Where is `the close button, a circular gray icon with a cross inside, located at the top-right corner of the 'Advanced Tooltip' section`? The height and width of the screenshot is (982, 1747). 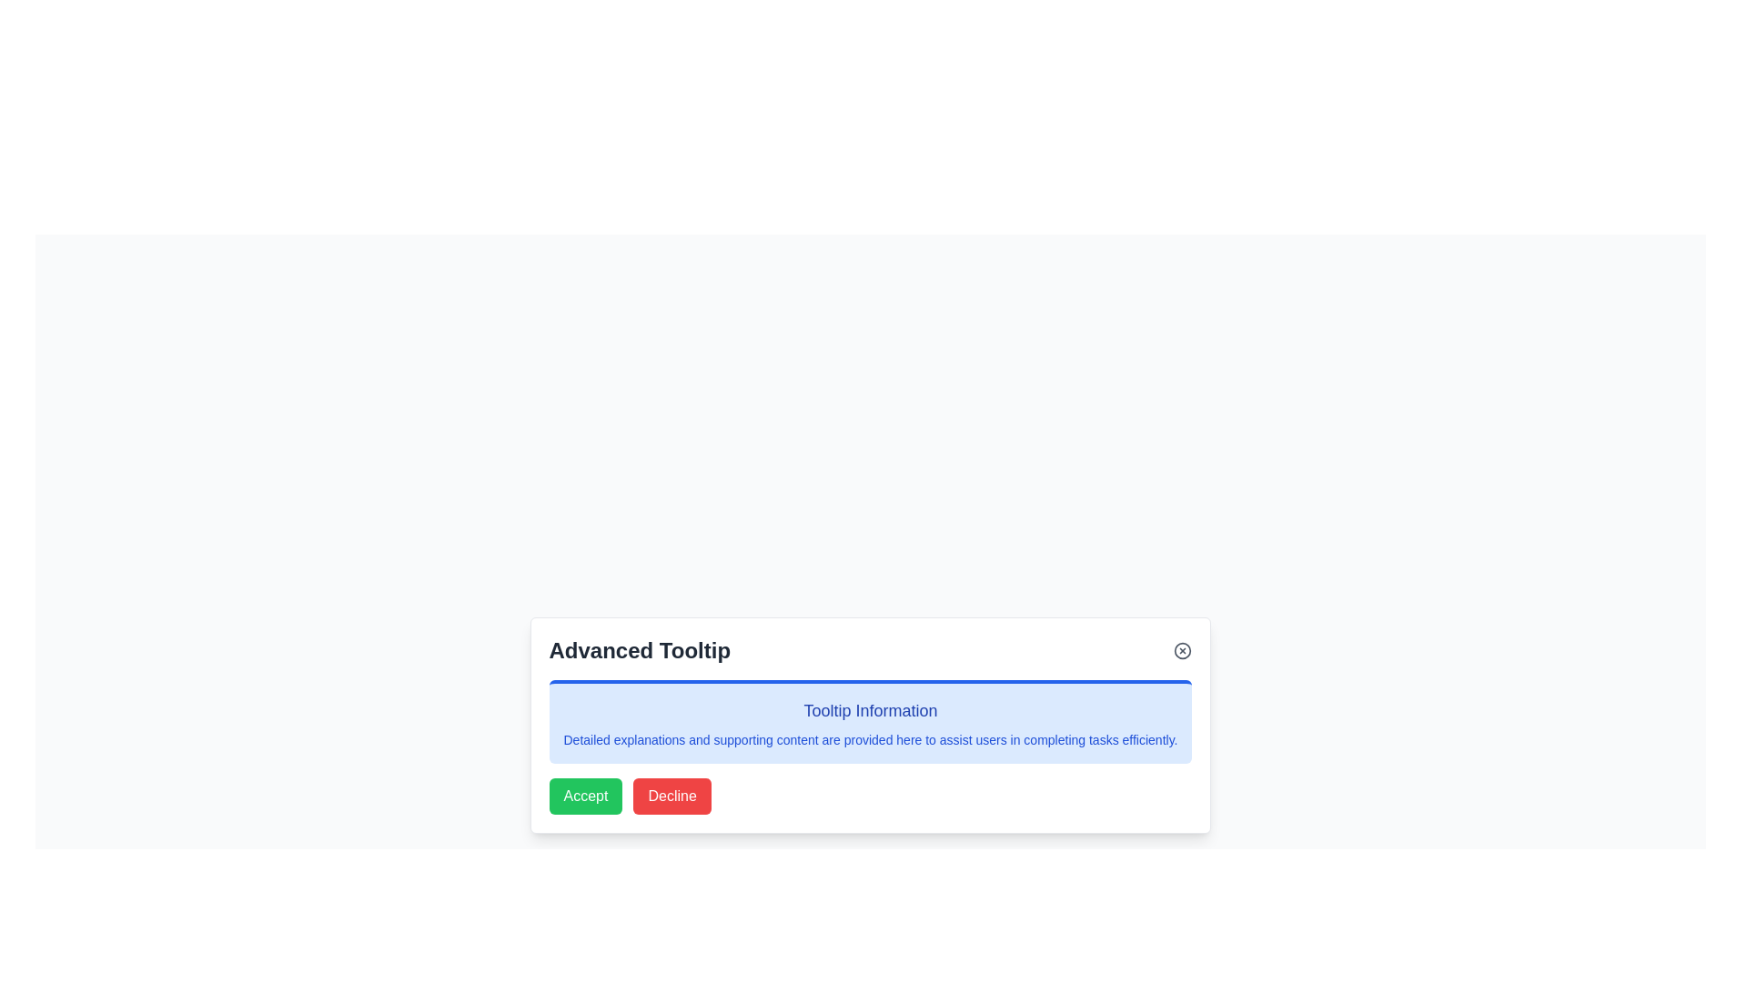
the close button, a circular gray icon with a cross inside, located at the top-right corner of the 'Advanced Tooltip' section is located at coordinates (1183, 650).